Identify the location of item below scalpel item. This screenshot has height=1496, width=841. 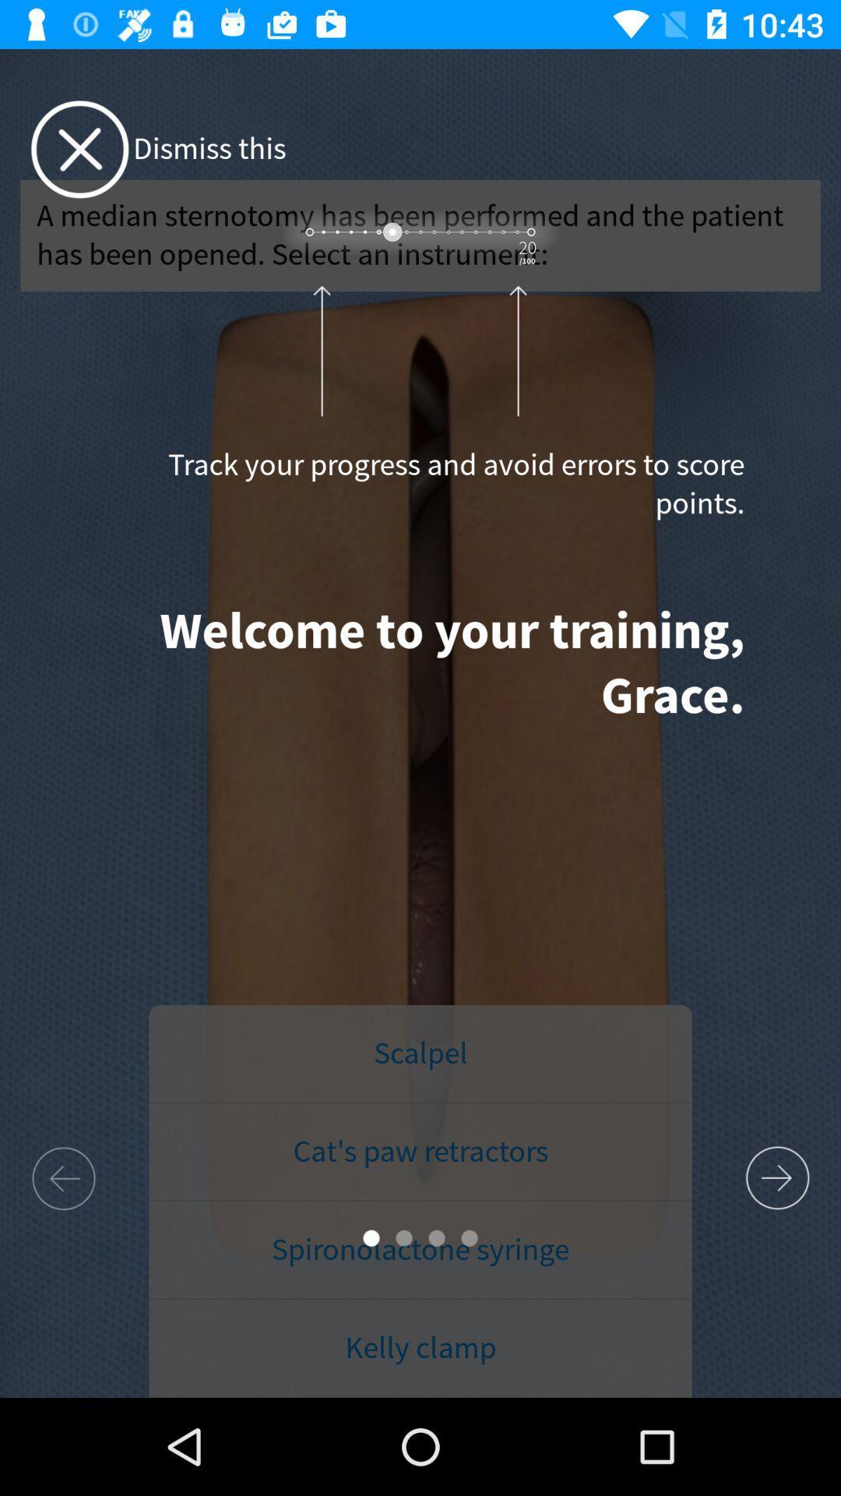
(420, 1152).